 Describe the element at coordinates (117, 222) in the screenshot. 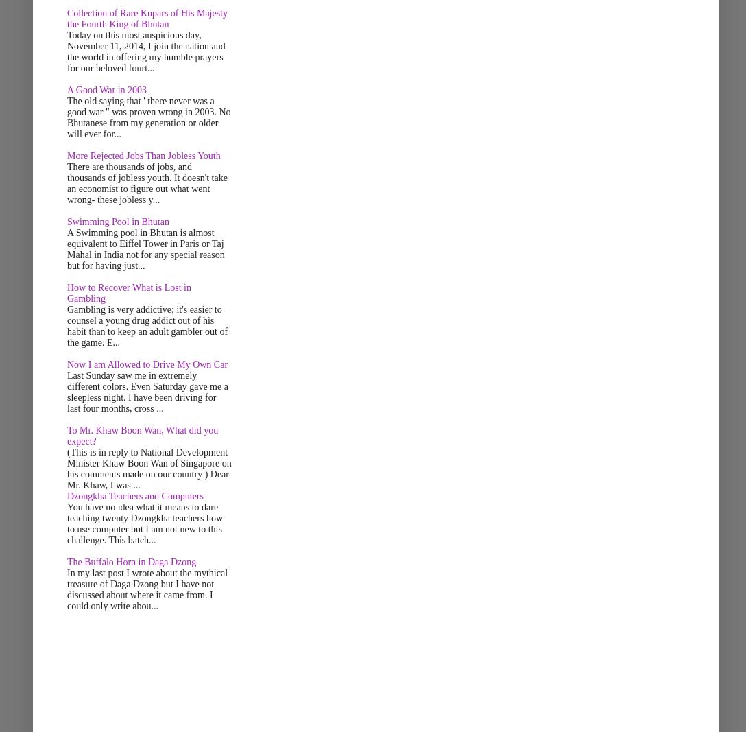

I see `'Swimming Pool in Bhutan'` at that location.